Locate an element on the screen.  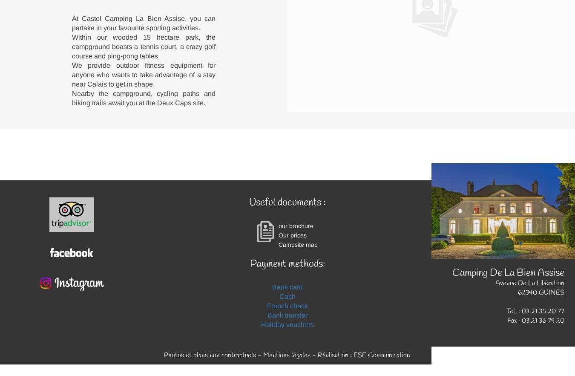
'Our prices' is located at coordinates (292, 235).